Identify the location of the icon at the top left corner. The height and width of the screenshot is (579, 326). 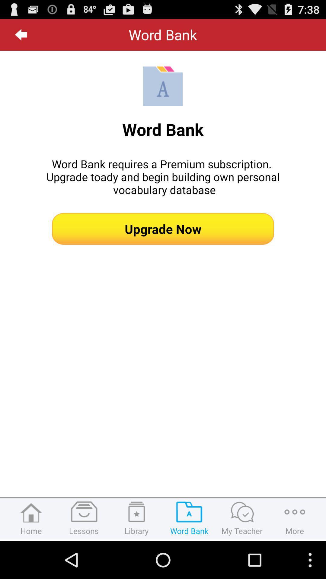
(21, 34).